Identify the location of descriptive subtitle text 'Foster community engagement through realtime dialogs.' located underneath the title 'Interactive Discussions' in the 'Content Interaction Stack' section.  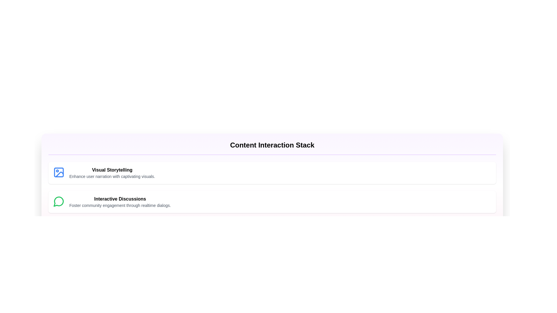
(120, 205).